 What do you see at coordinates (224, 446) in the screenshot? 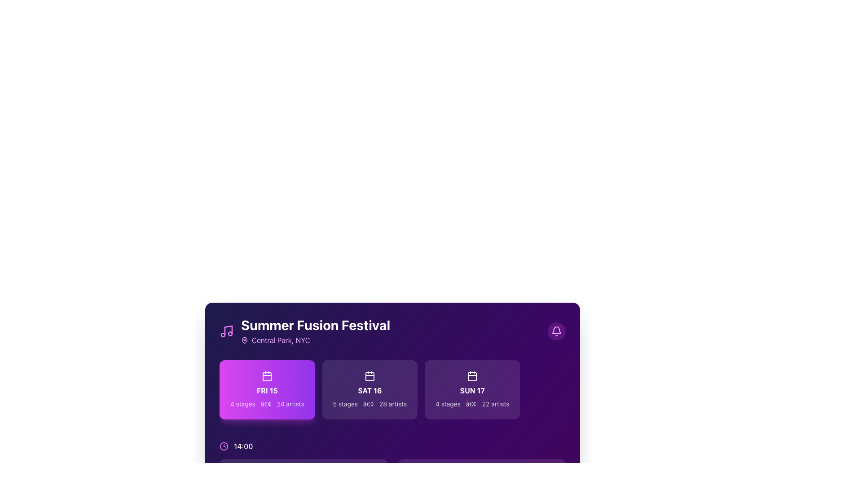
I see `the circular clock icon with a vibrant fuchsia outline located in the bottom-left corner of the card section, near the text '14:00'` at bounding box center [224, 446].